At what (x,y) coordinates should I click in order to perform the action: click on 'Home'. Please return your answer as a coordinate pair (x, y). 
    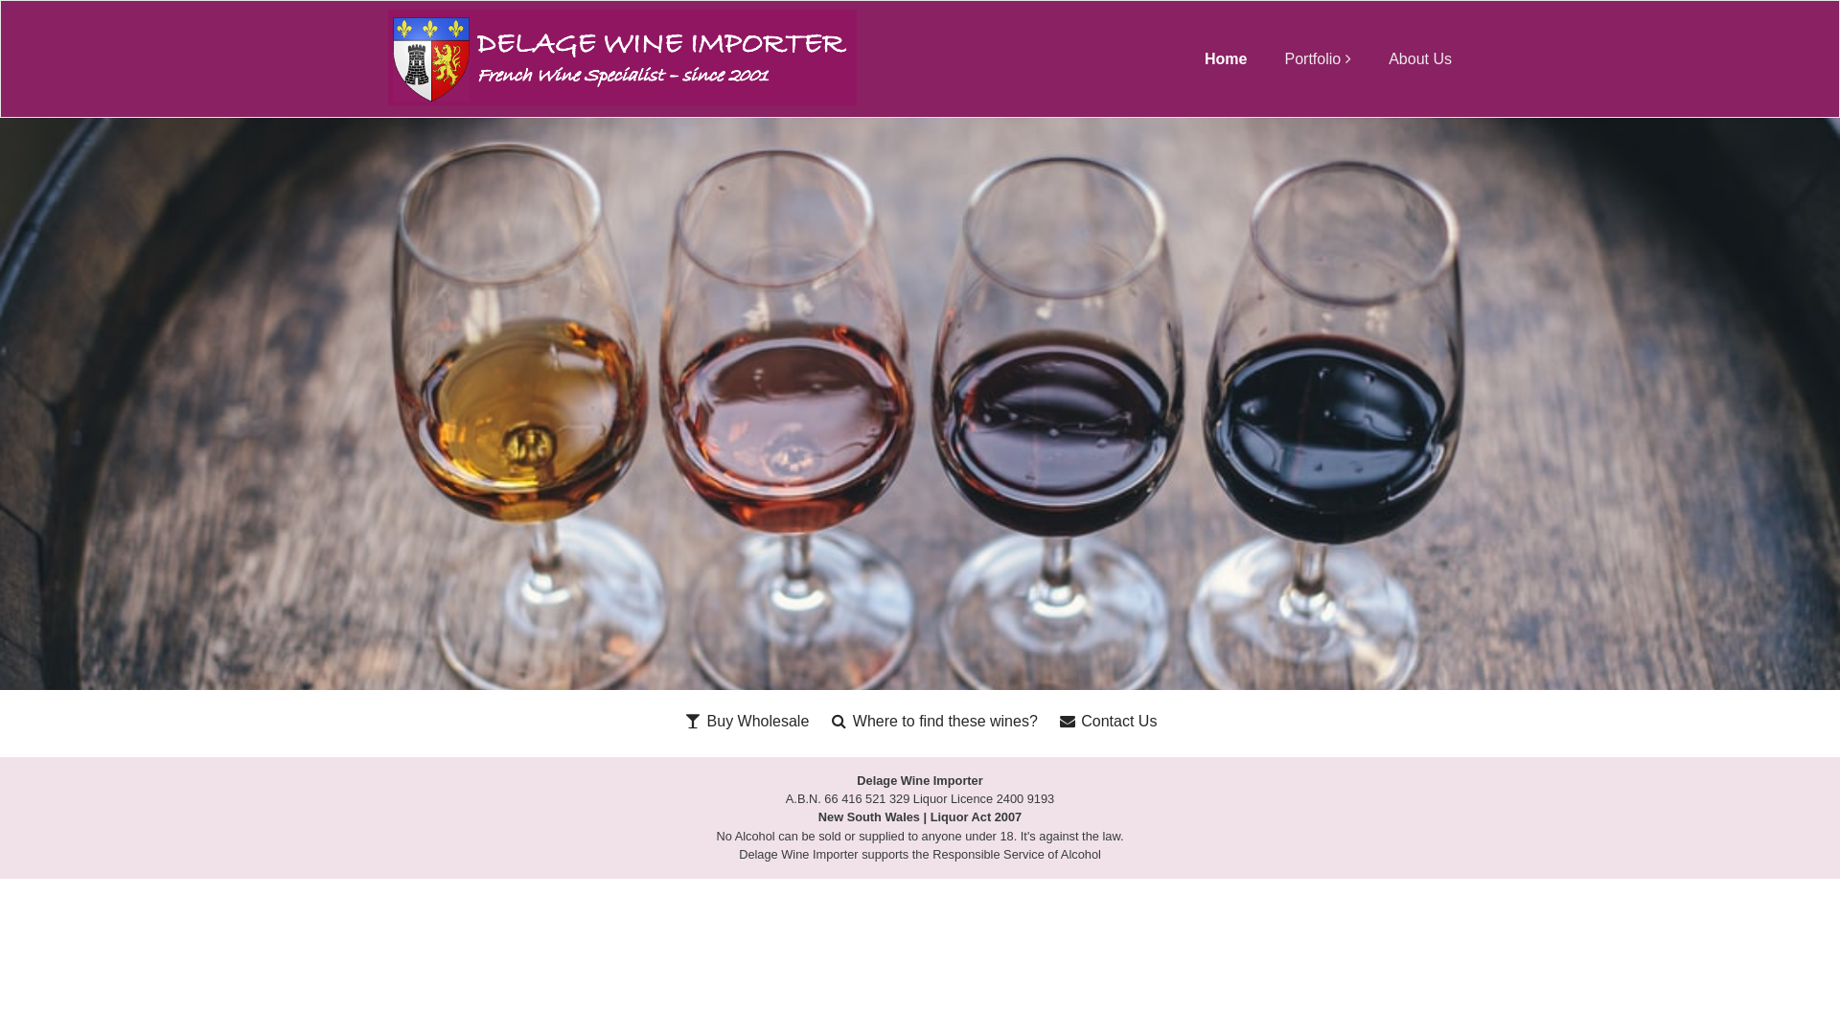
    Looking at the image, I should click on (1224, 57).